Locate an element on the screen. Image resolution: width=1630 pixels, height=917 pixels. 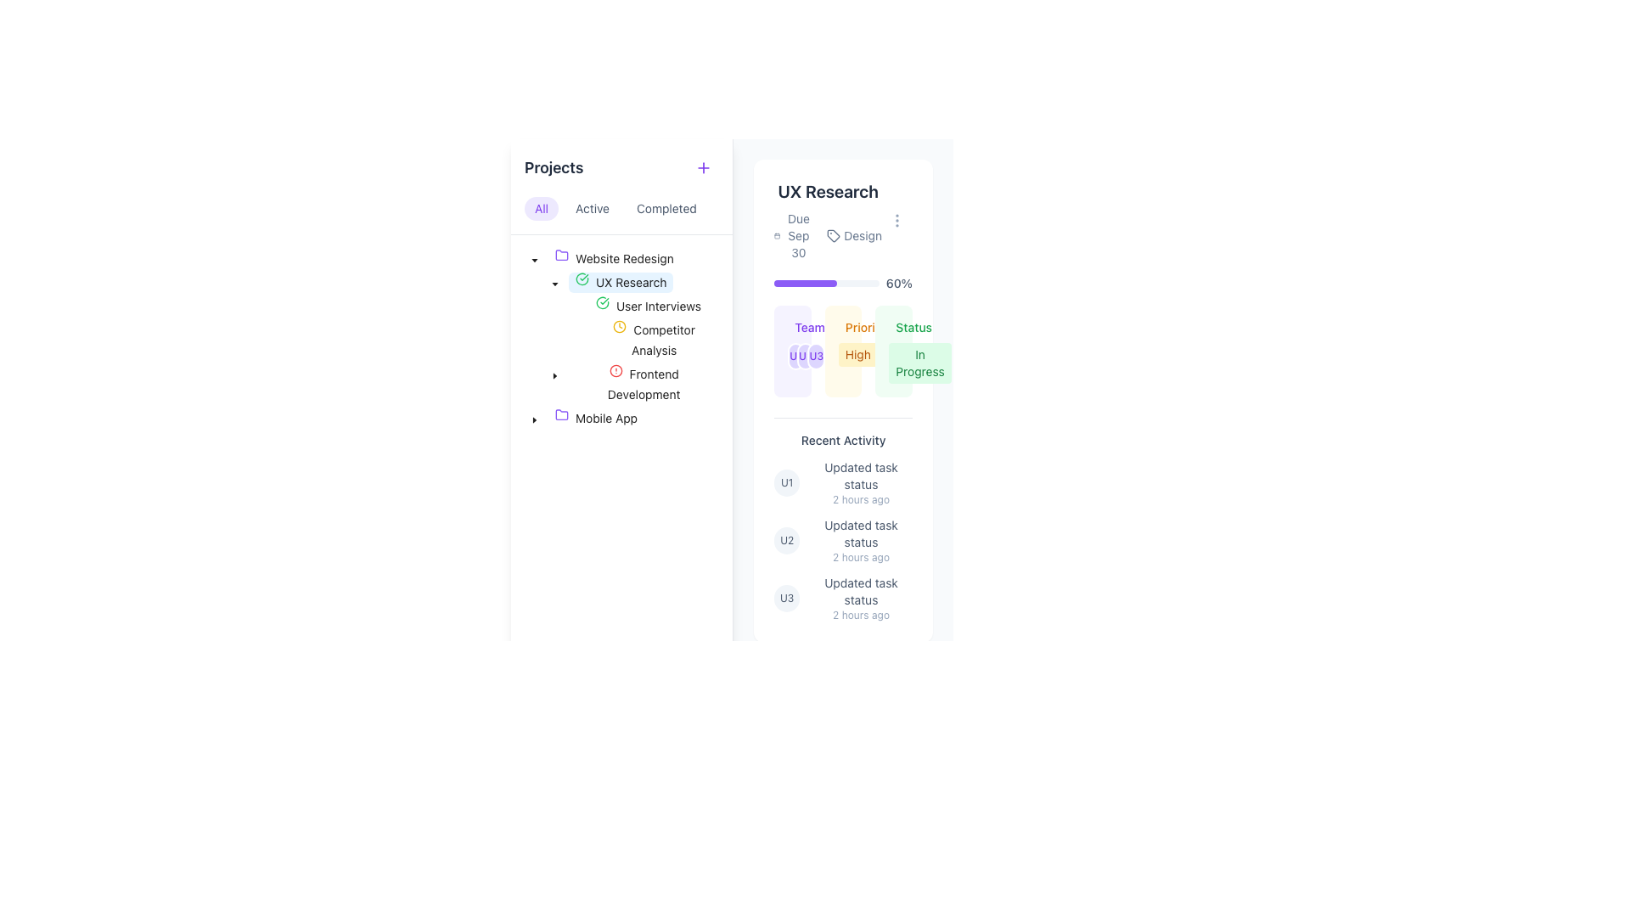
the 'In Progress' status indicator located in the 'Status' section of the 'UX Research' card, positioned beneath the 'Status' label is located at coordinates (919, 363).